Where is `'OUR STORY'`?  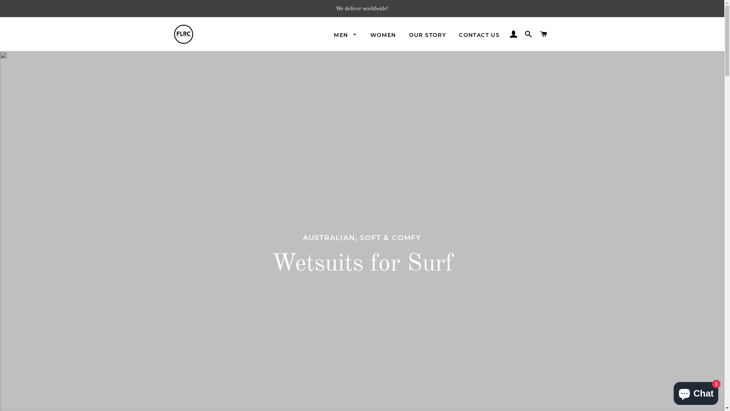 'OUR STORY' is located at coordinates (427, 35).